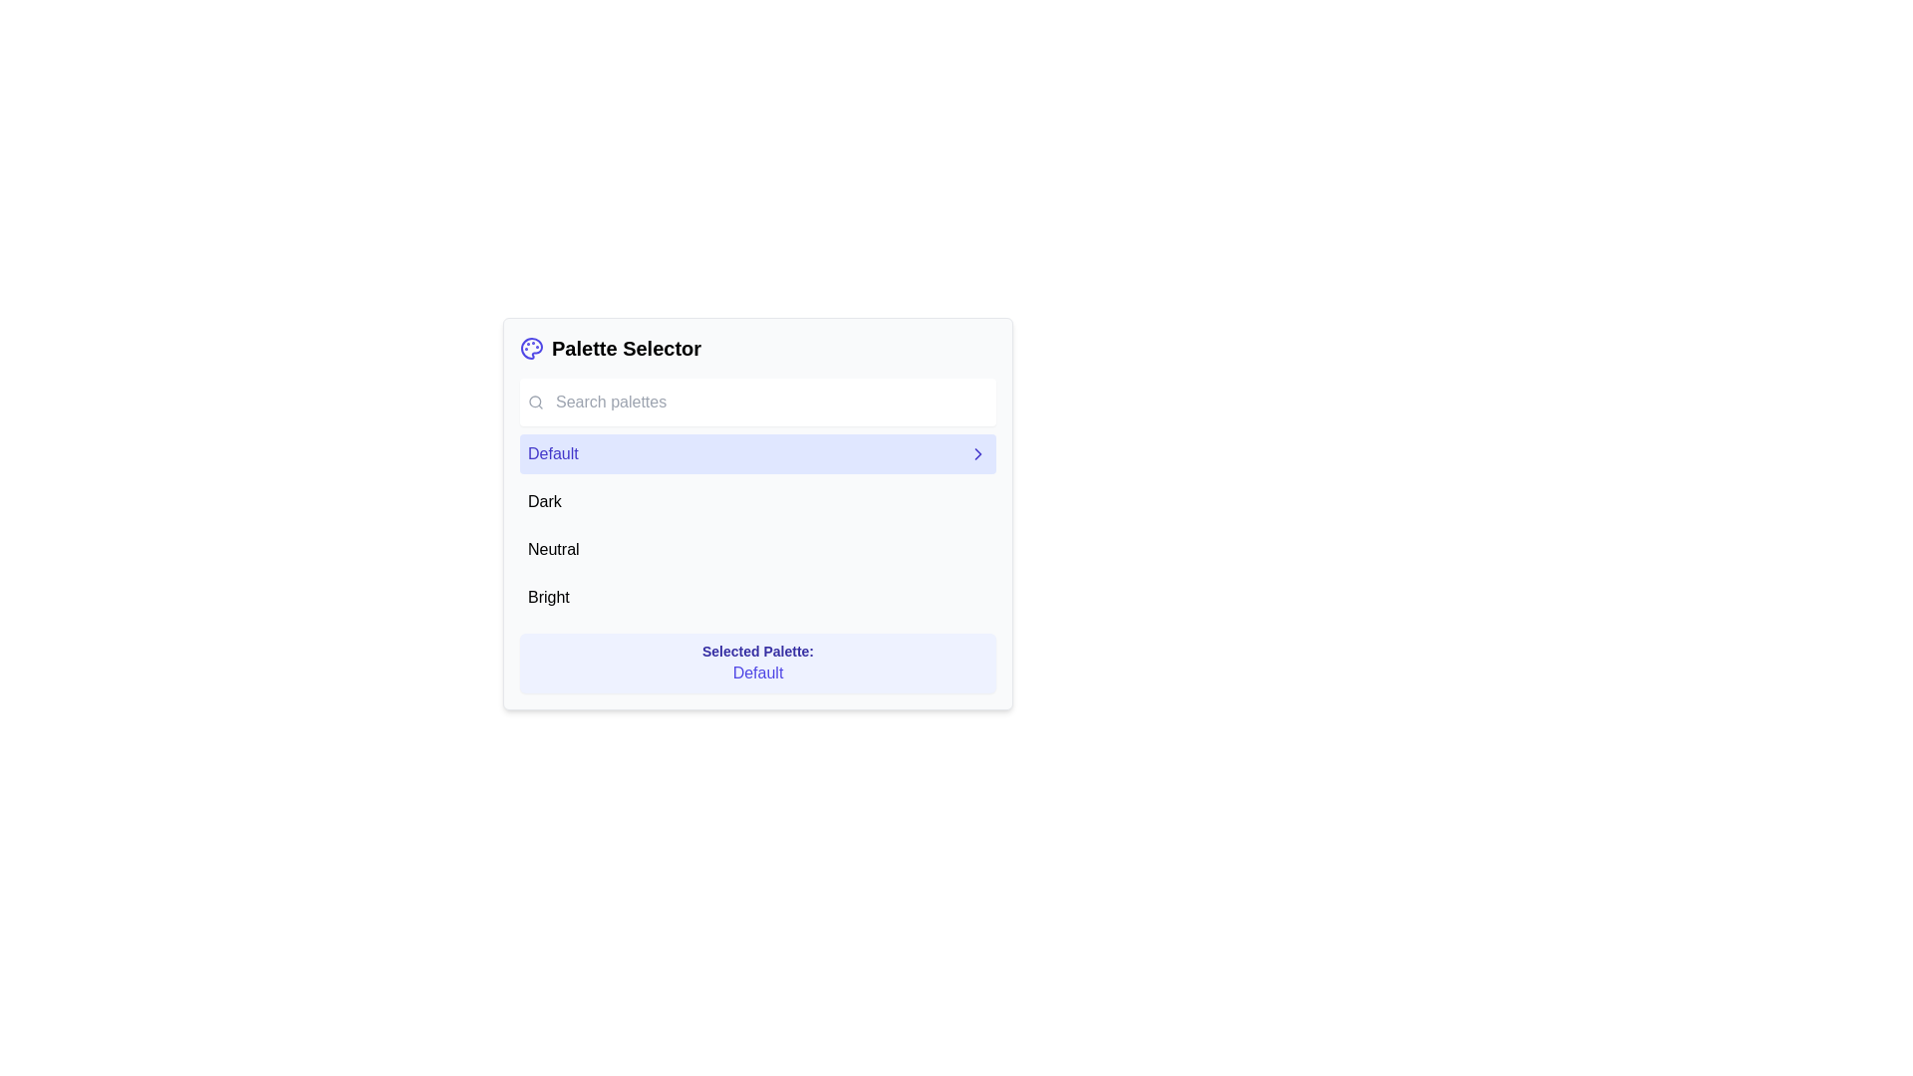 The width and height of the screenshot is (1913, 1076). I want to click on the main body of the palette icon located at the top-left portion of the layout interface to use it as an identifier for related functionality, so click(531, 348).